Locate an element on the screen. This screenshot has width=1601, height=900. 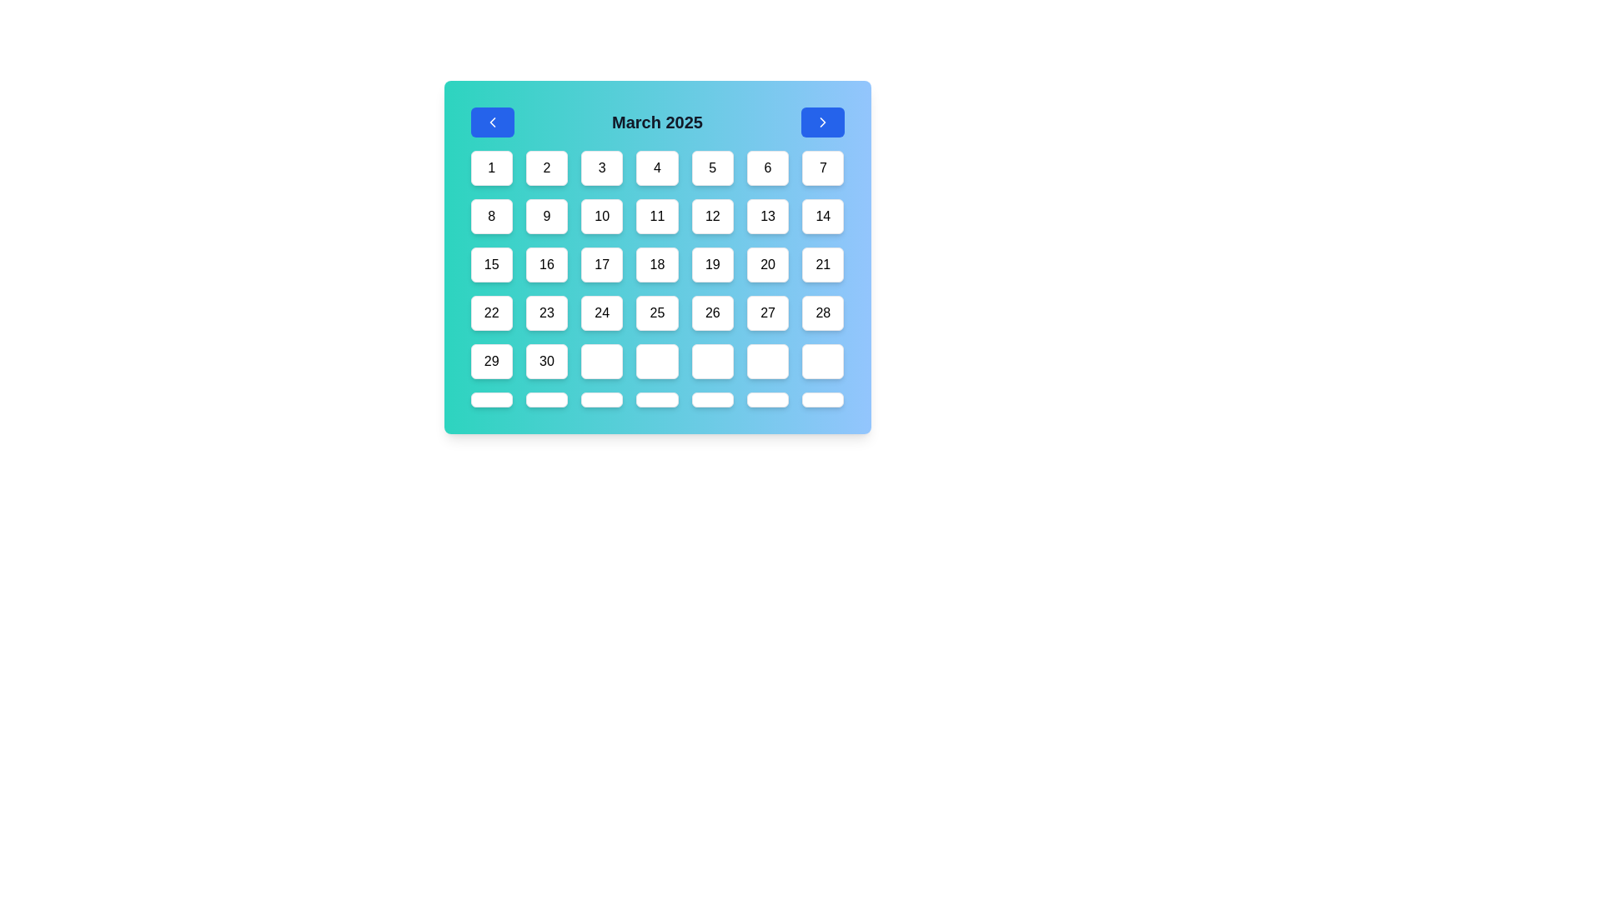
the left-pointing chevron icon rendered in white on a blue circular background is located at coordinates (491, 121).